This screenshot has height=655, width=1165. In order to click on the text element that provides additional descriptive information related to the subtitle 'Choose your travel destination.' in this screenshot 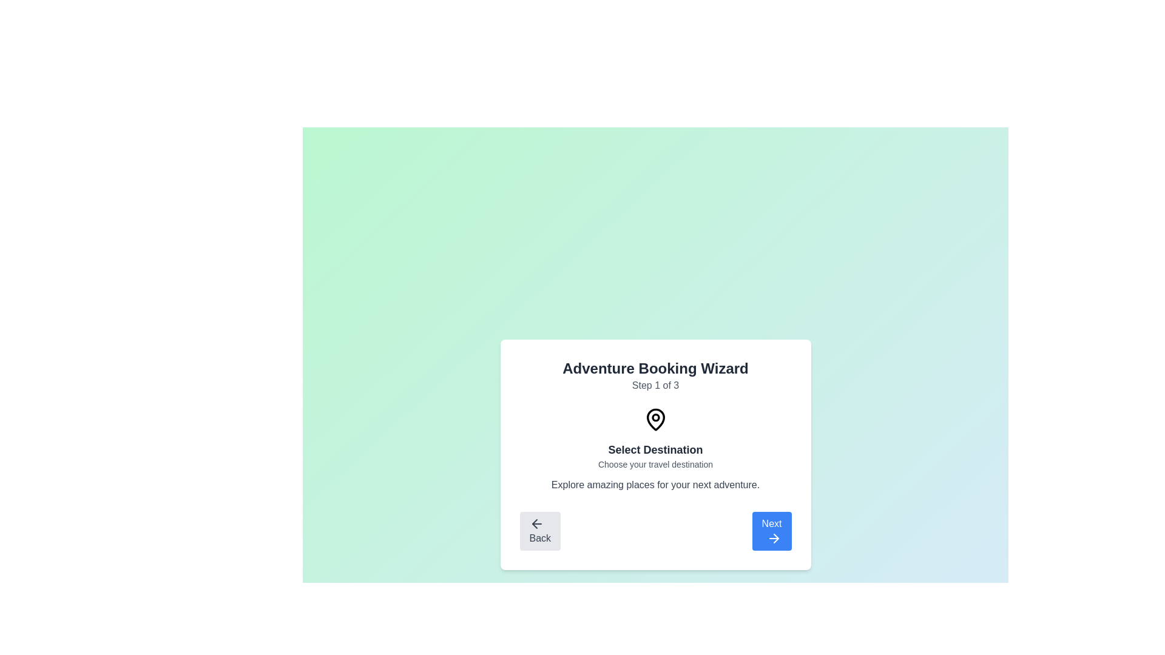, I will do `click(655, 484)`.